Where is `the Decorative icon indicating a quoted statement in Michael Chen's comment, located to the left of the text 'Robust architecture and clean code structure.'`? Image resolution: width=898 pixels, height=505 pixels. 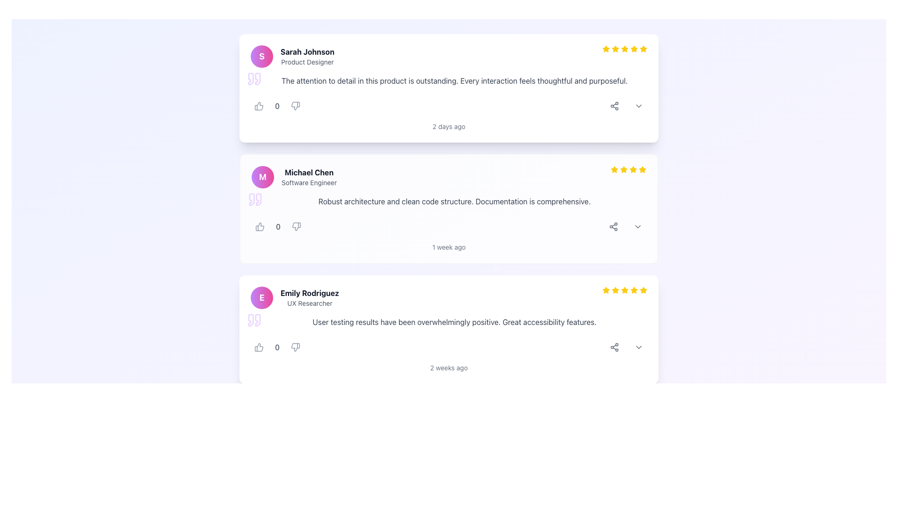
the Decorative icon indicating a quoted statement in Michael Chen's comment, located to the left of the text 'Robust architecture and clean code structure.' is located at coordinates (255, 199).